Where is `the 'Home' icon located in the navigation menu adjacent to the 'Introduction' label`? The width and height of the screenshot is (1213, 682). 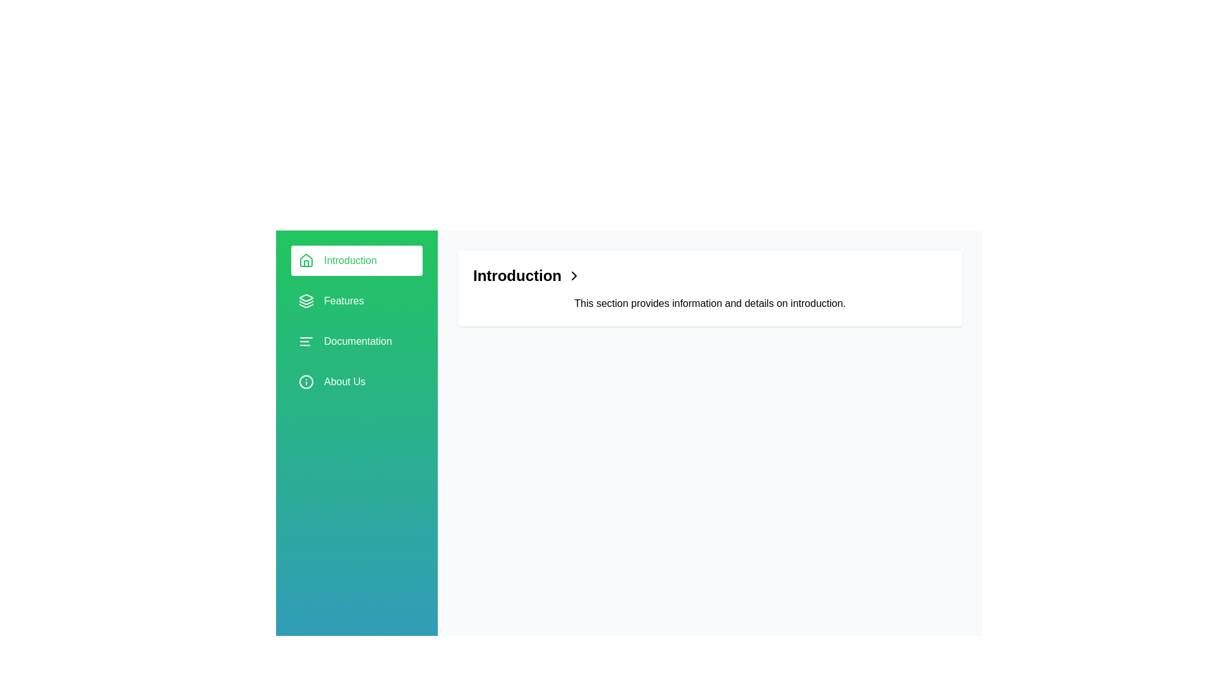
the 'Home' icon located in the navigation menu adjacent to the 'Introduction' label is located at coordinates (306, 260).